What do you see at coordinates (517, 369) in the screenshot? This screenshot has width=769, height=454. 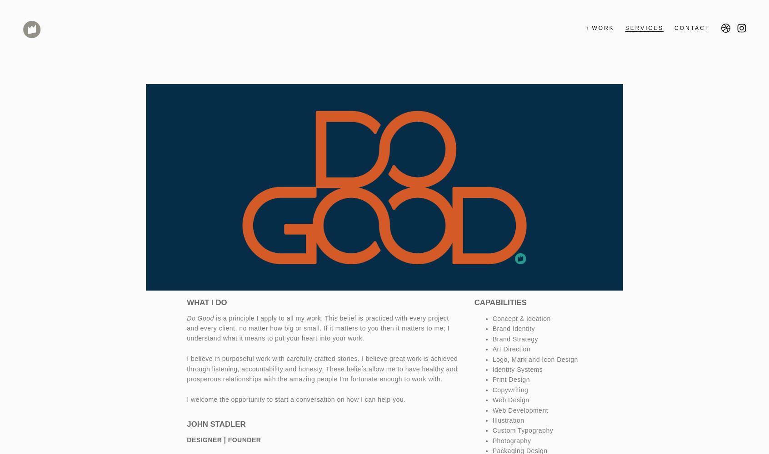 I see `'Identity Systems'` at bounding box center [517, 369].